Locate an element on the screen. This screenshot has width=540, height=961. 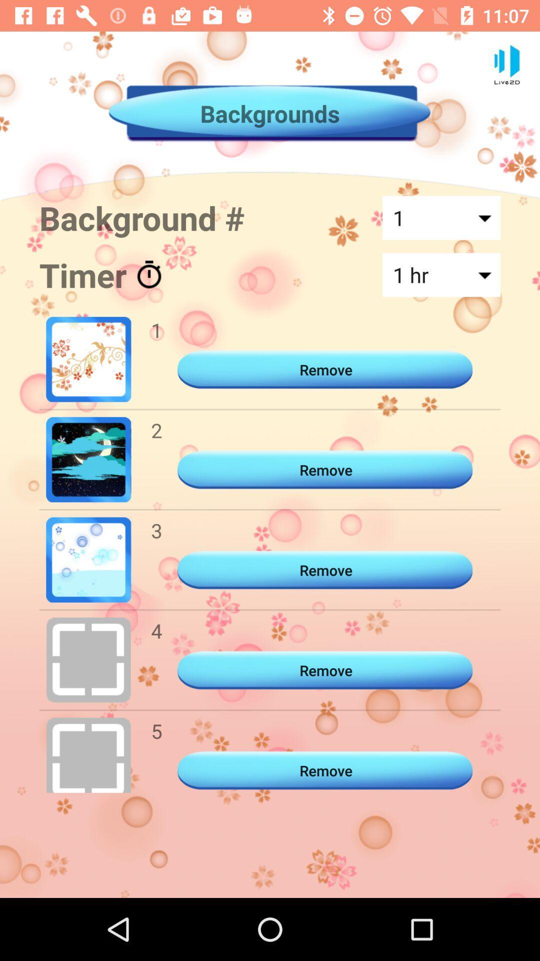
item to the left of the remove item is located at coordinates (156, 530).